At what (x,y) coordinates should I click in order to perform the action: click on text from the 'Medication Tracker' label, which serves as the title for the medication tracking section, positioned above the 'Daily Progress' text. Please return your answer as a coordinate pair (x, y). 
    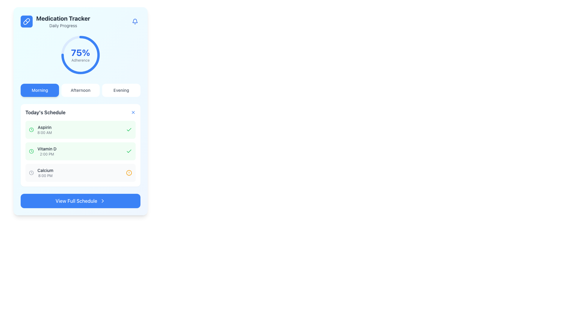
    Looking at the image, I should click on (63, 18).